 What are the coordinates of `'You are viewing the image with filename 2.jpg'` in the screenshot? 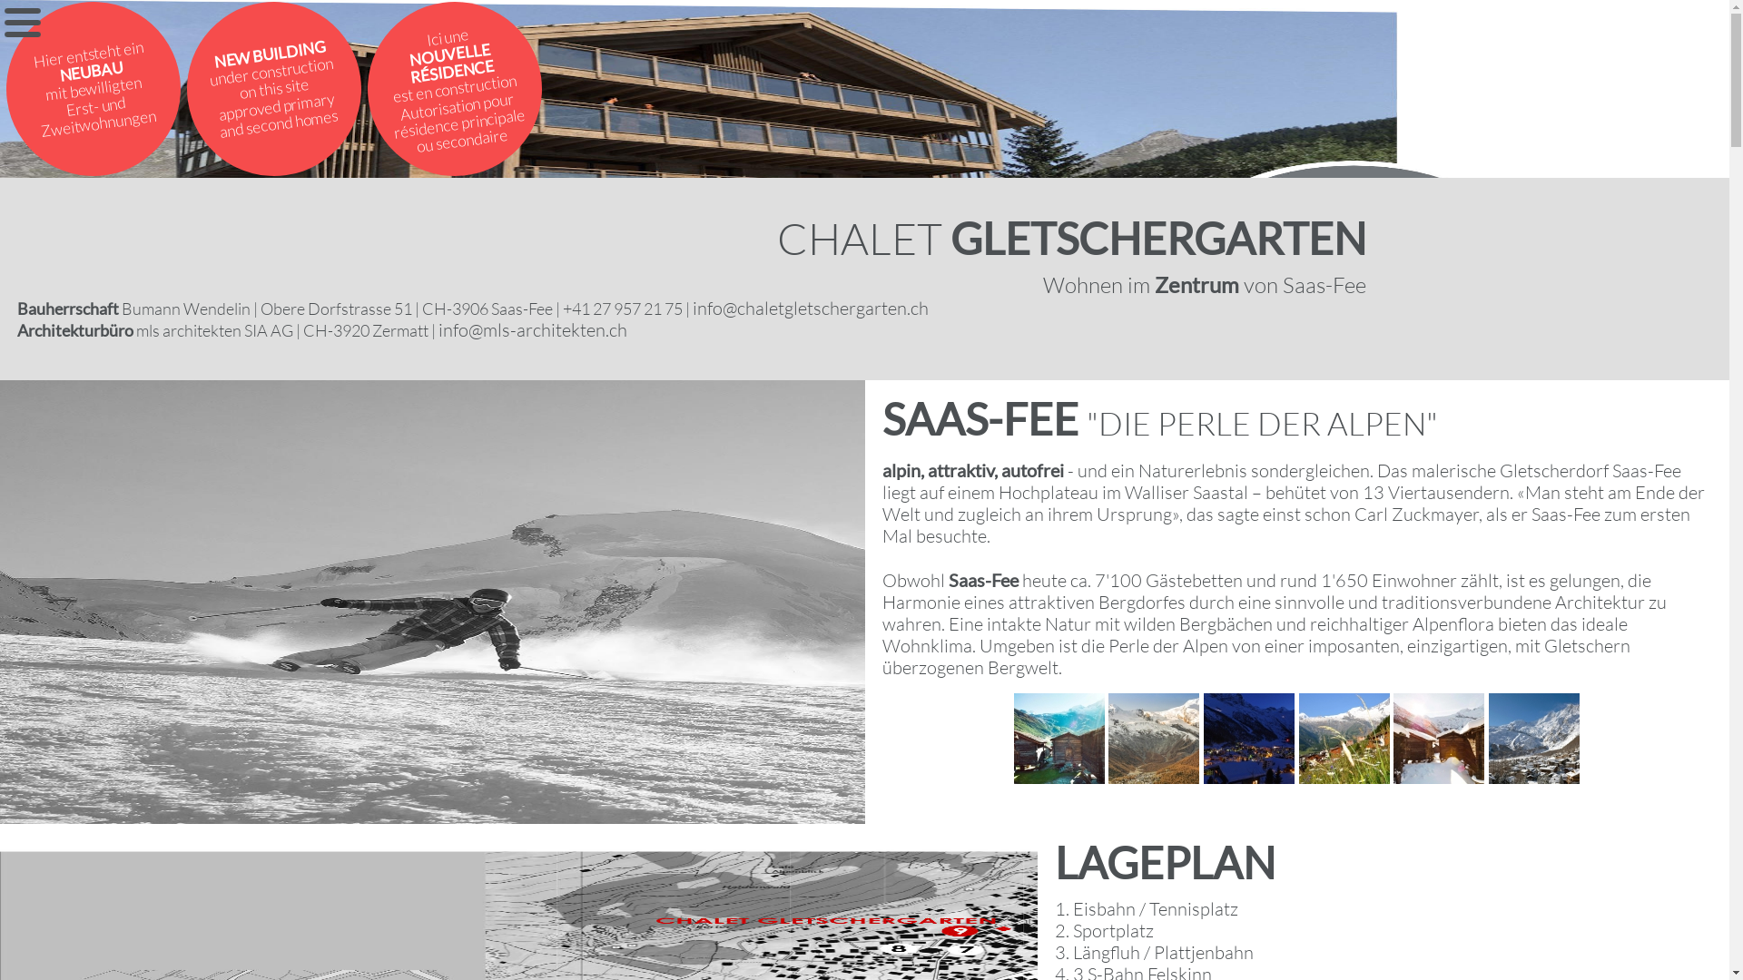 It's located at (1153, 738).